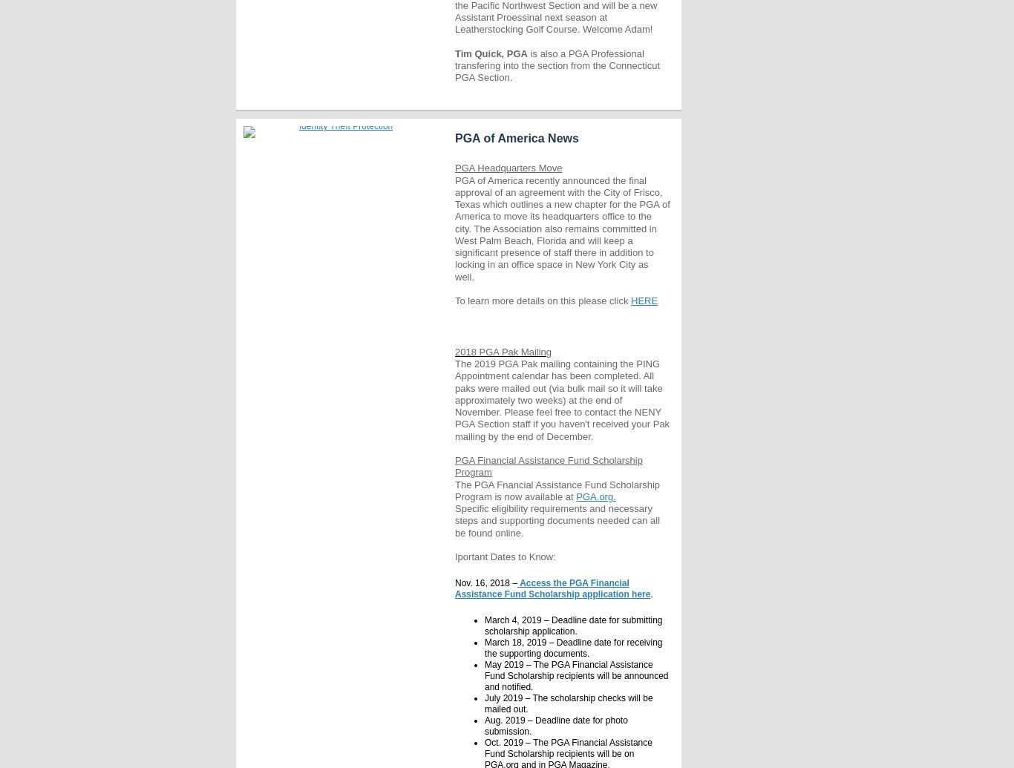  Describe the element at coordinates (643, 301) in the screenshot. I see `'HERE'` at that location.